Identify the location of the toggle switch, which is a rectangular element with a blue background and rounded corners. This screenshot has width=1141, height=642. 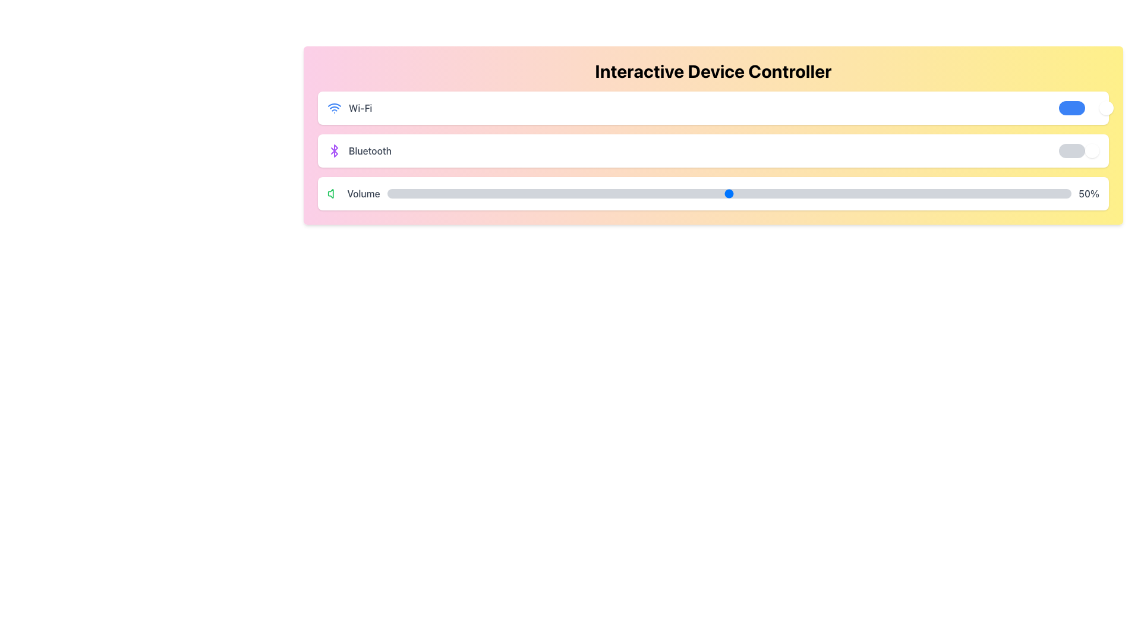
(1072, 108).